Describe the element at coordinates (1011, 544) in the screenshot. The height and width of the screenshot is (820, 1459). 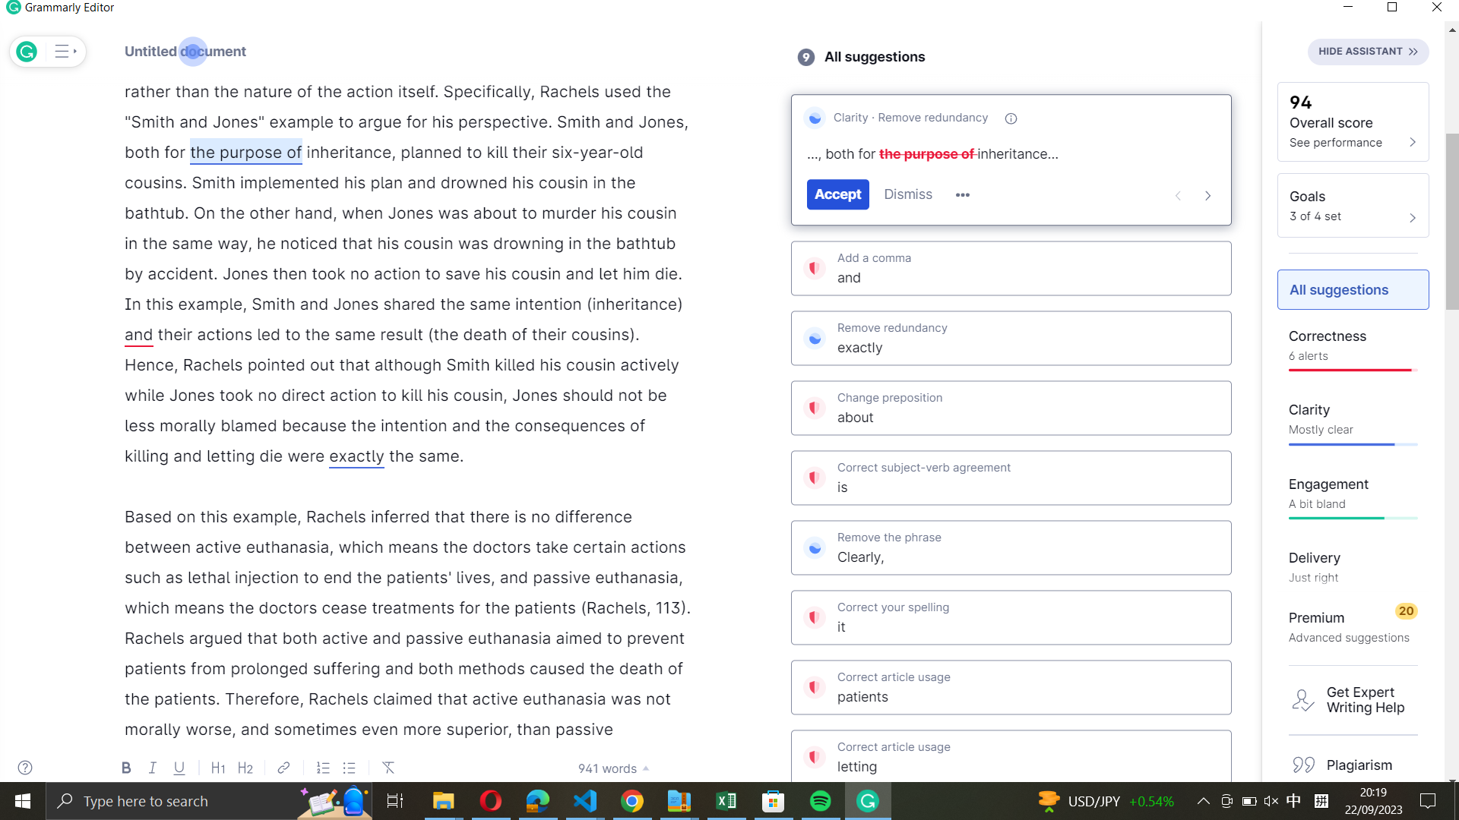
I see `Eliminate the term "clearly" from text document` at that location.